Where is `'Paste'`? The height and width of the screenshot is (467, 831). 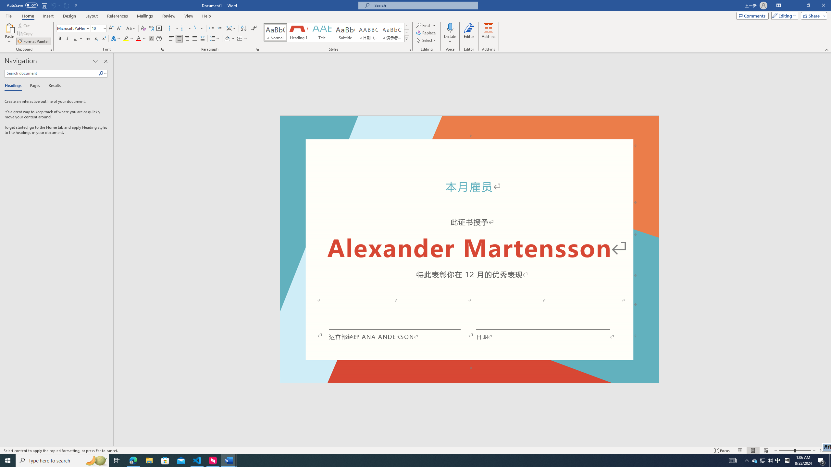 'Paste' is located at coordinates (9, 27).